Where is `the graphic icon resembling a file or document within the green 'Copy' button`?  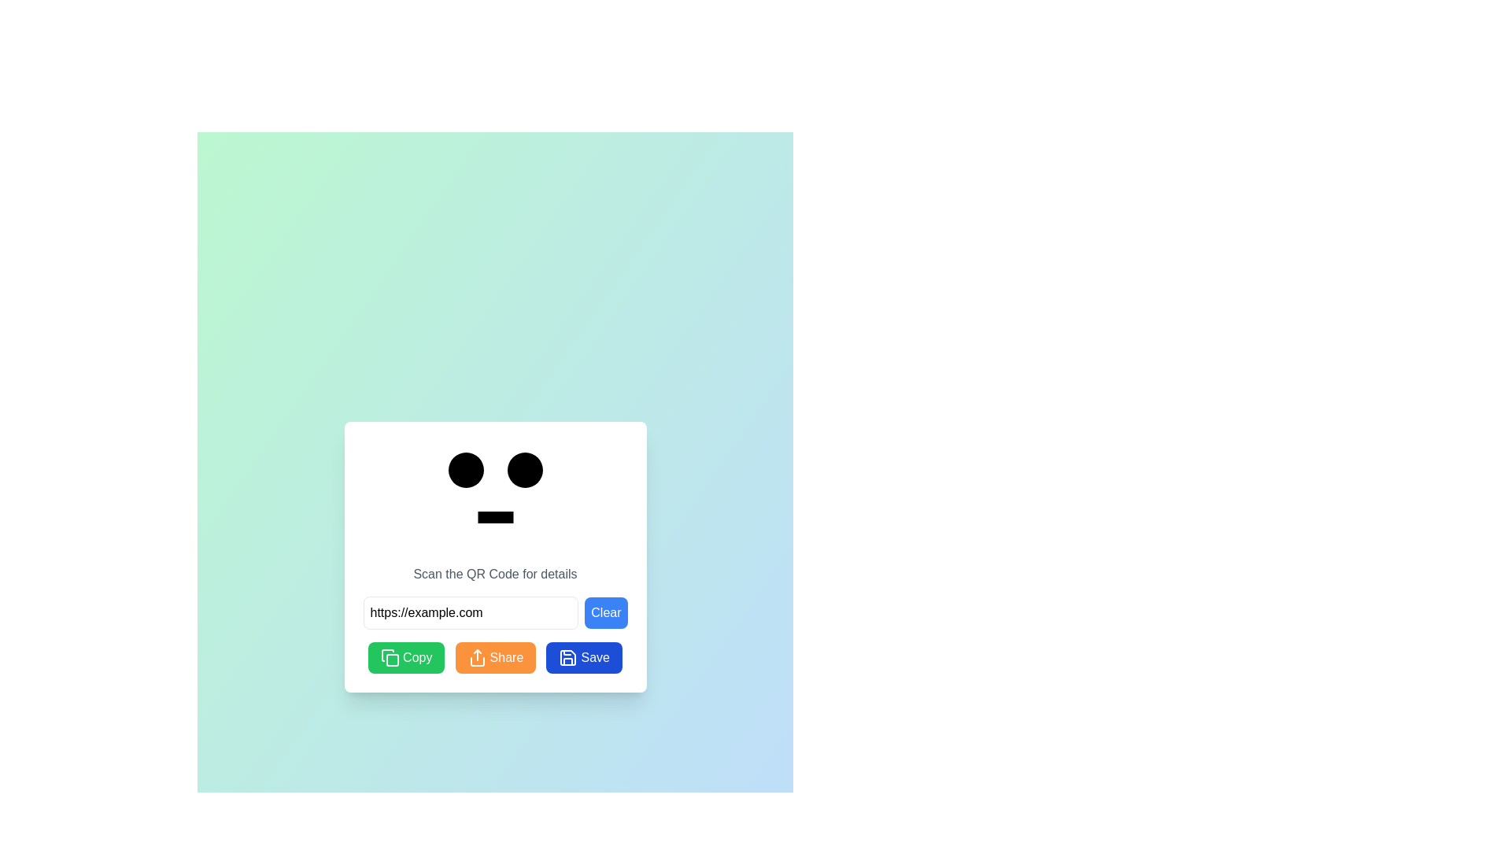 the graphic icon resembling a file or document within the green 'Copy' button is located at coordinates (388, 656).